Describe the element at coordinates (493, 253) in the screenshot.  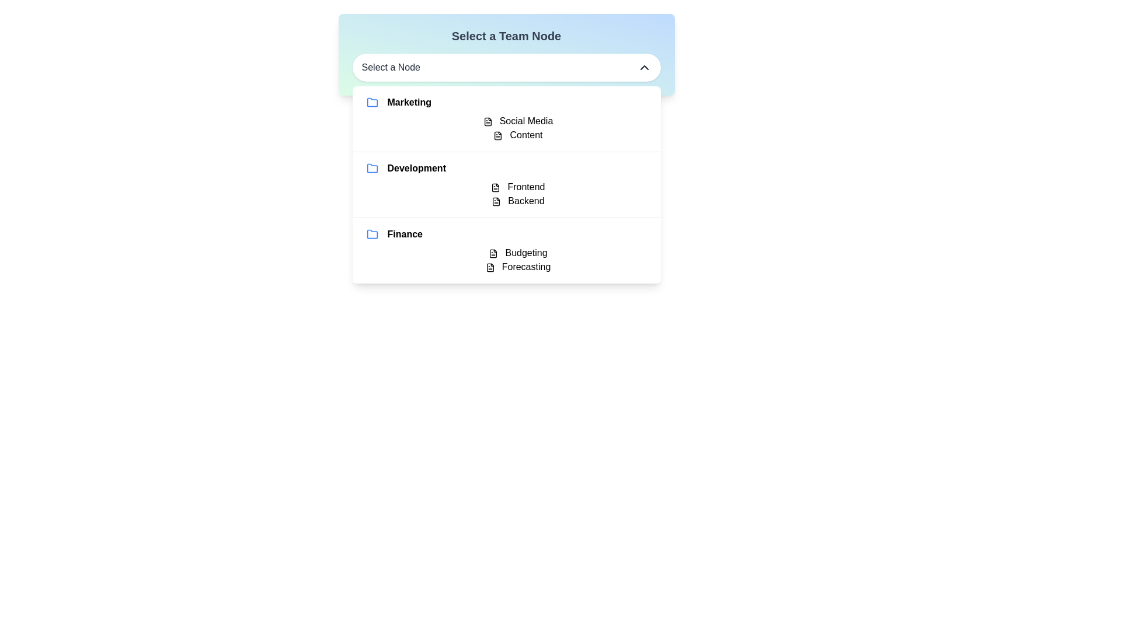
I see `the icon in the 'Finance' section that visually enhances the 'Budgeting' label, located directly before it in the second row` at that location.